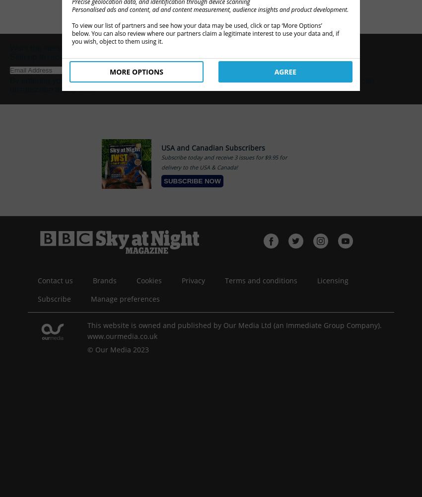 The height and width of the screenshot is (497, 422). Describe the element at coordinates (192, 180) in the screenshot. I see `'SUBSCRIBE NOW'` at that location.